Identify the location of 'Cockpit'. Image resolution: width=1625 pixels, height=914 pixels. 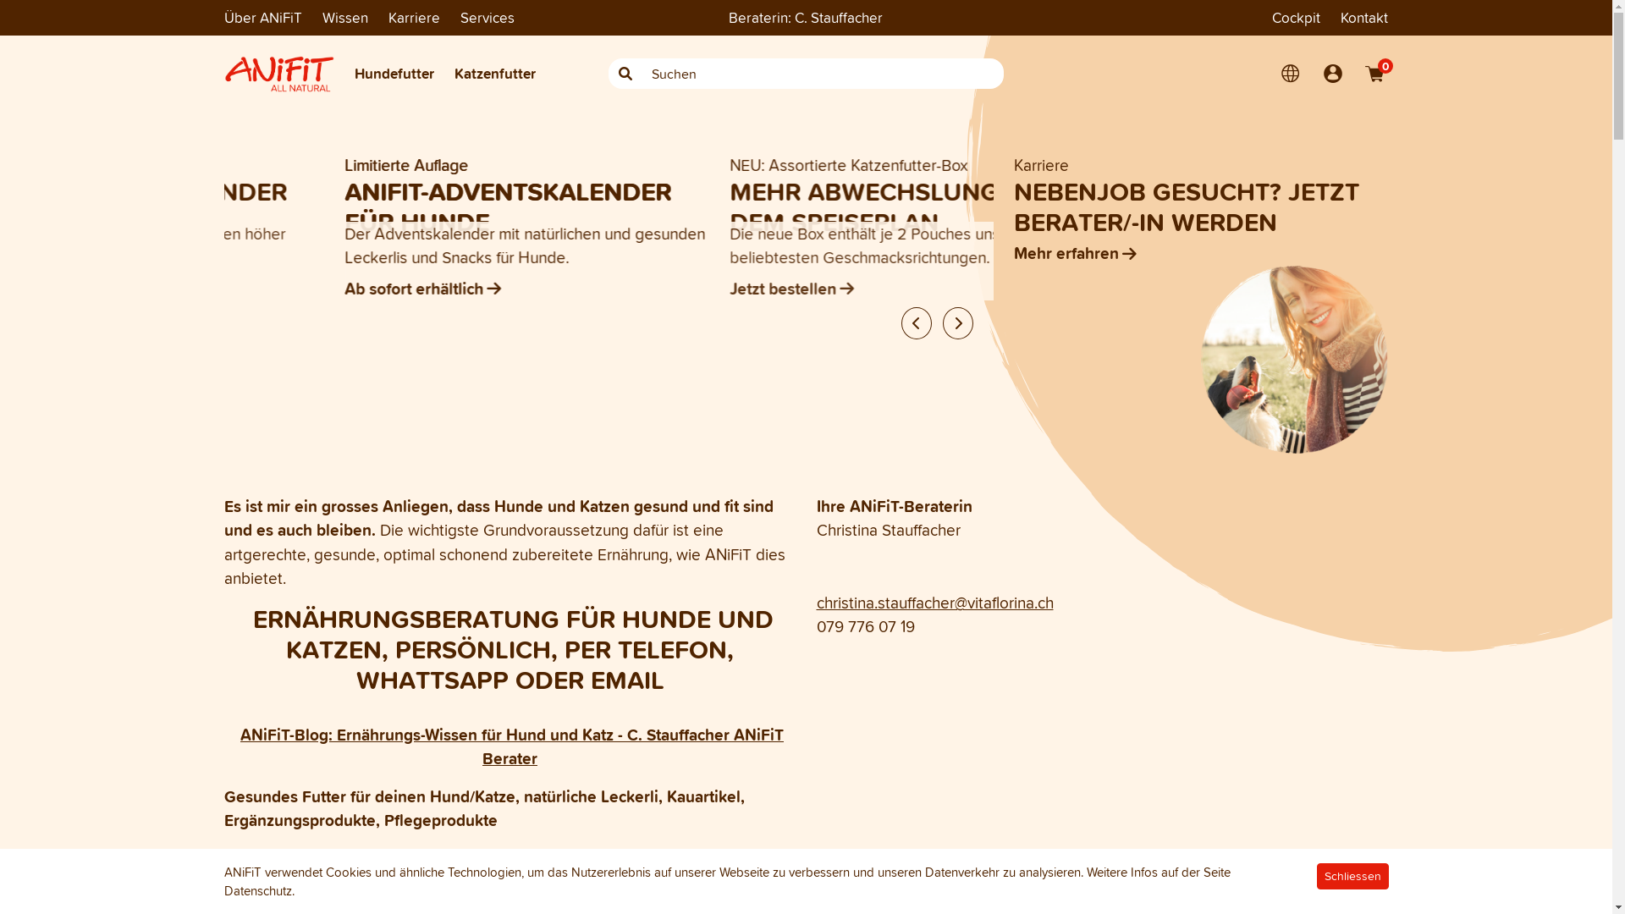
(1295, 17).